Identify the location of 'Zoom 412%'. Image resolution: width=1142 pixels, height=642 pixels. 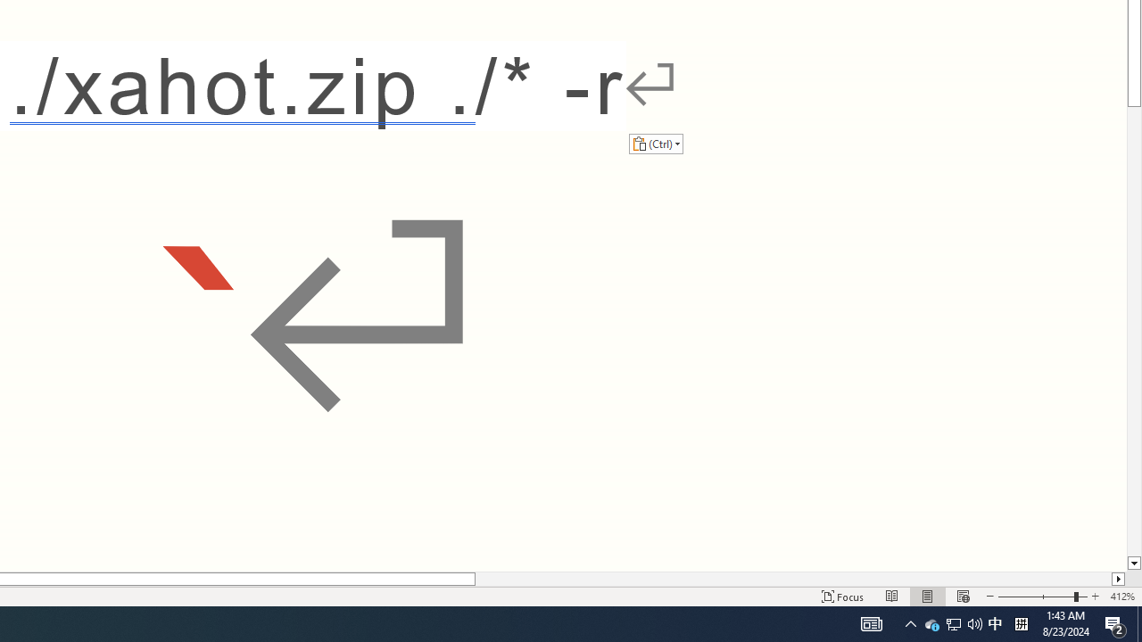
(1121, 597).